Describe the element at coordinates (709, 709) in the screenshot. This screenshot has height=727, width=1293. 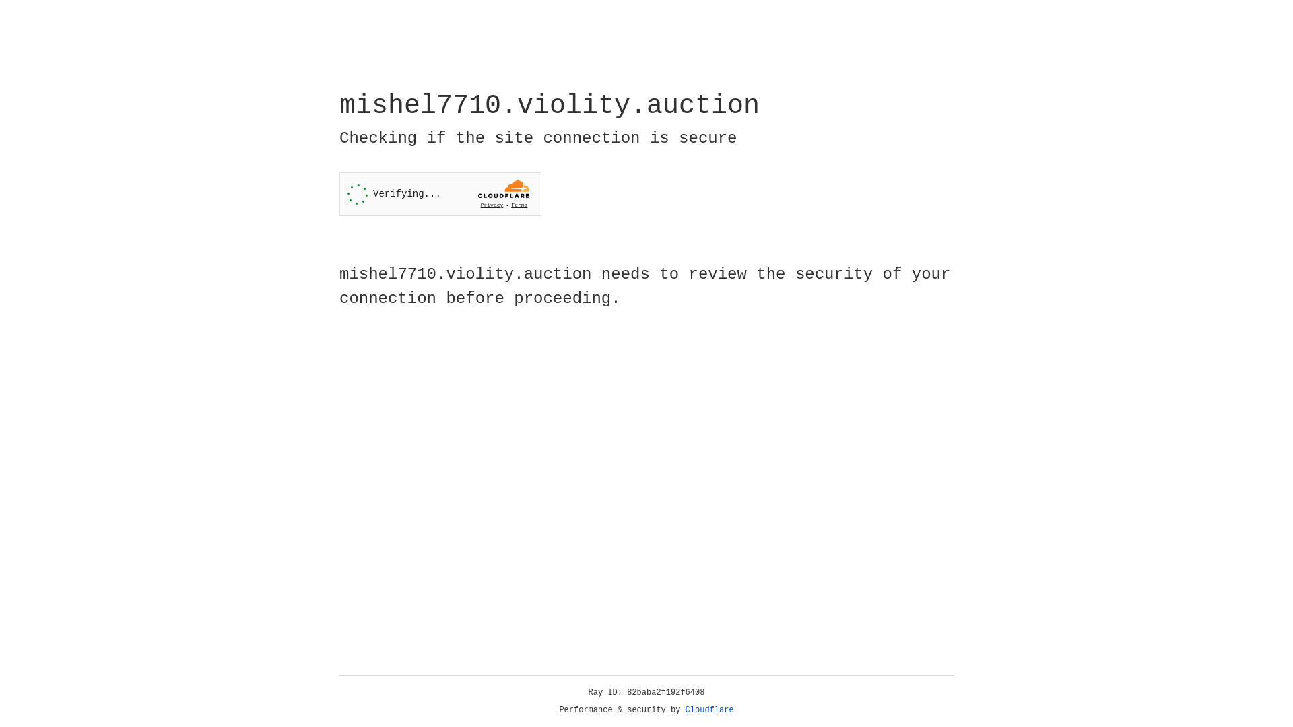
I see `'Cloudflare'` at that location.